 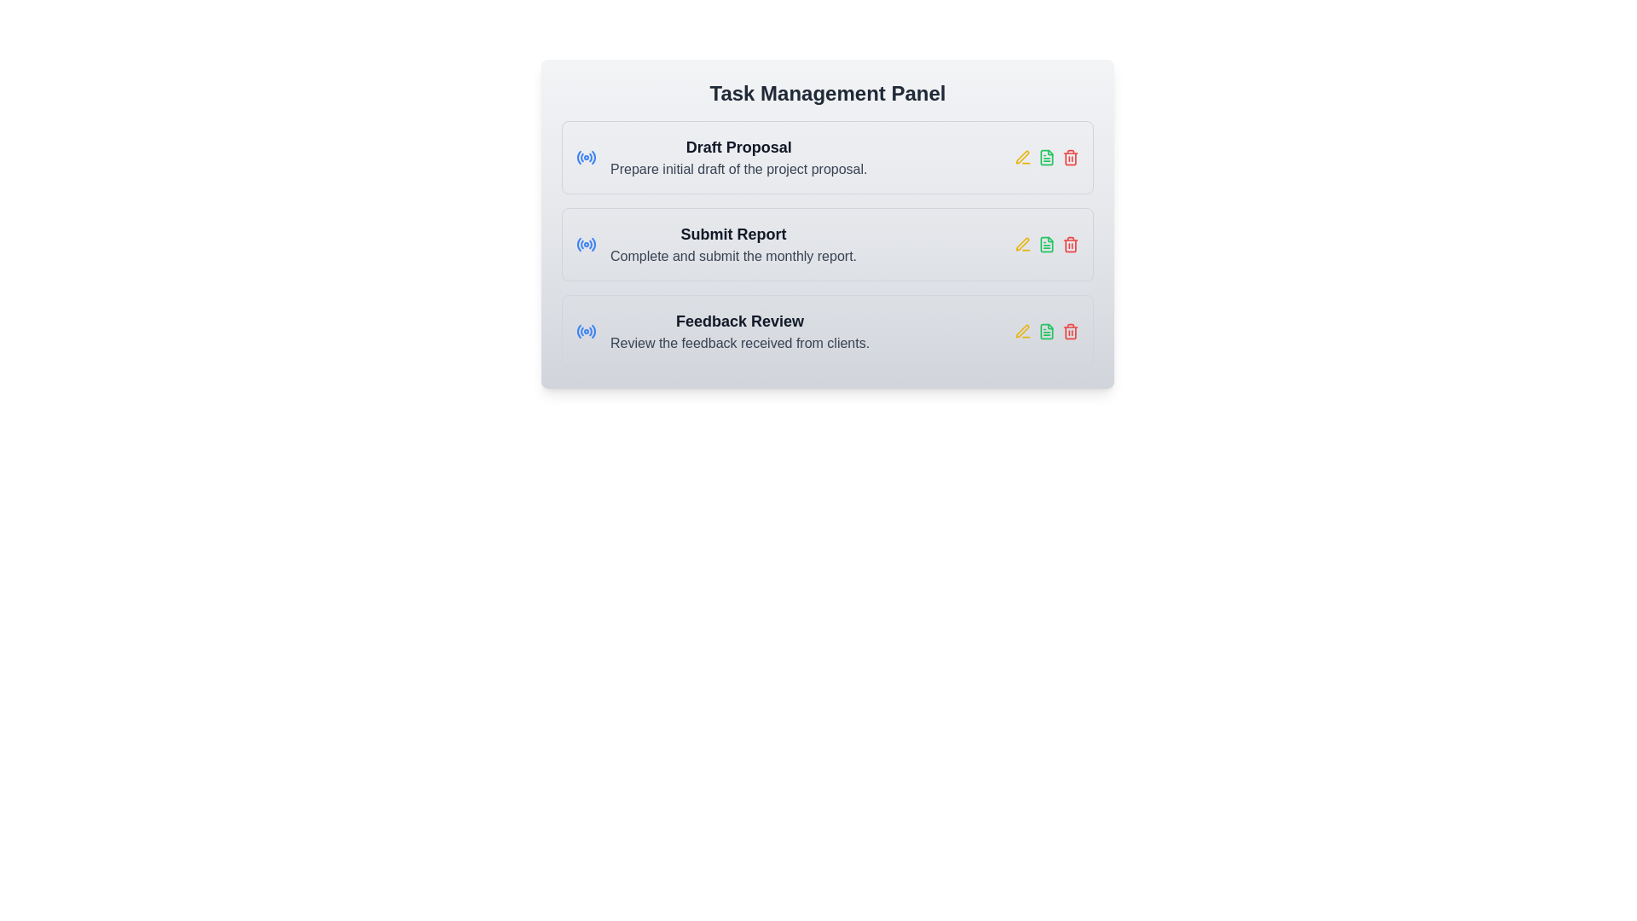 I want to click on the topmost task entry in the 'Task Management Panel' that displays the task's title and description, so click(x=738, y=158).